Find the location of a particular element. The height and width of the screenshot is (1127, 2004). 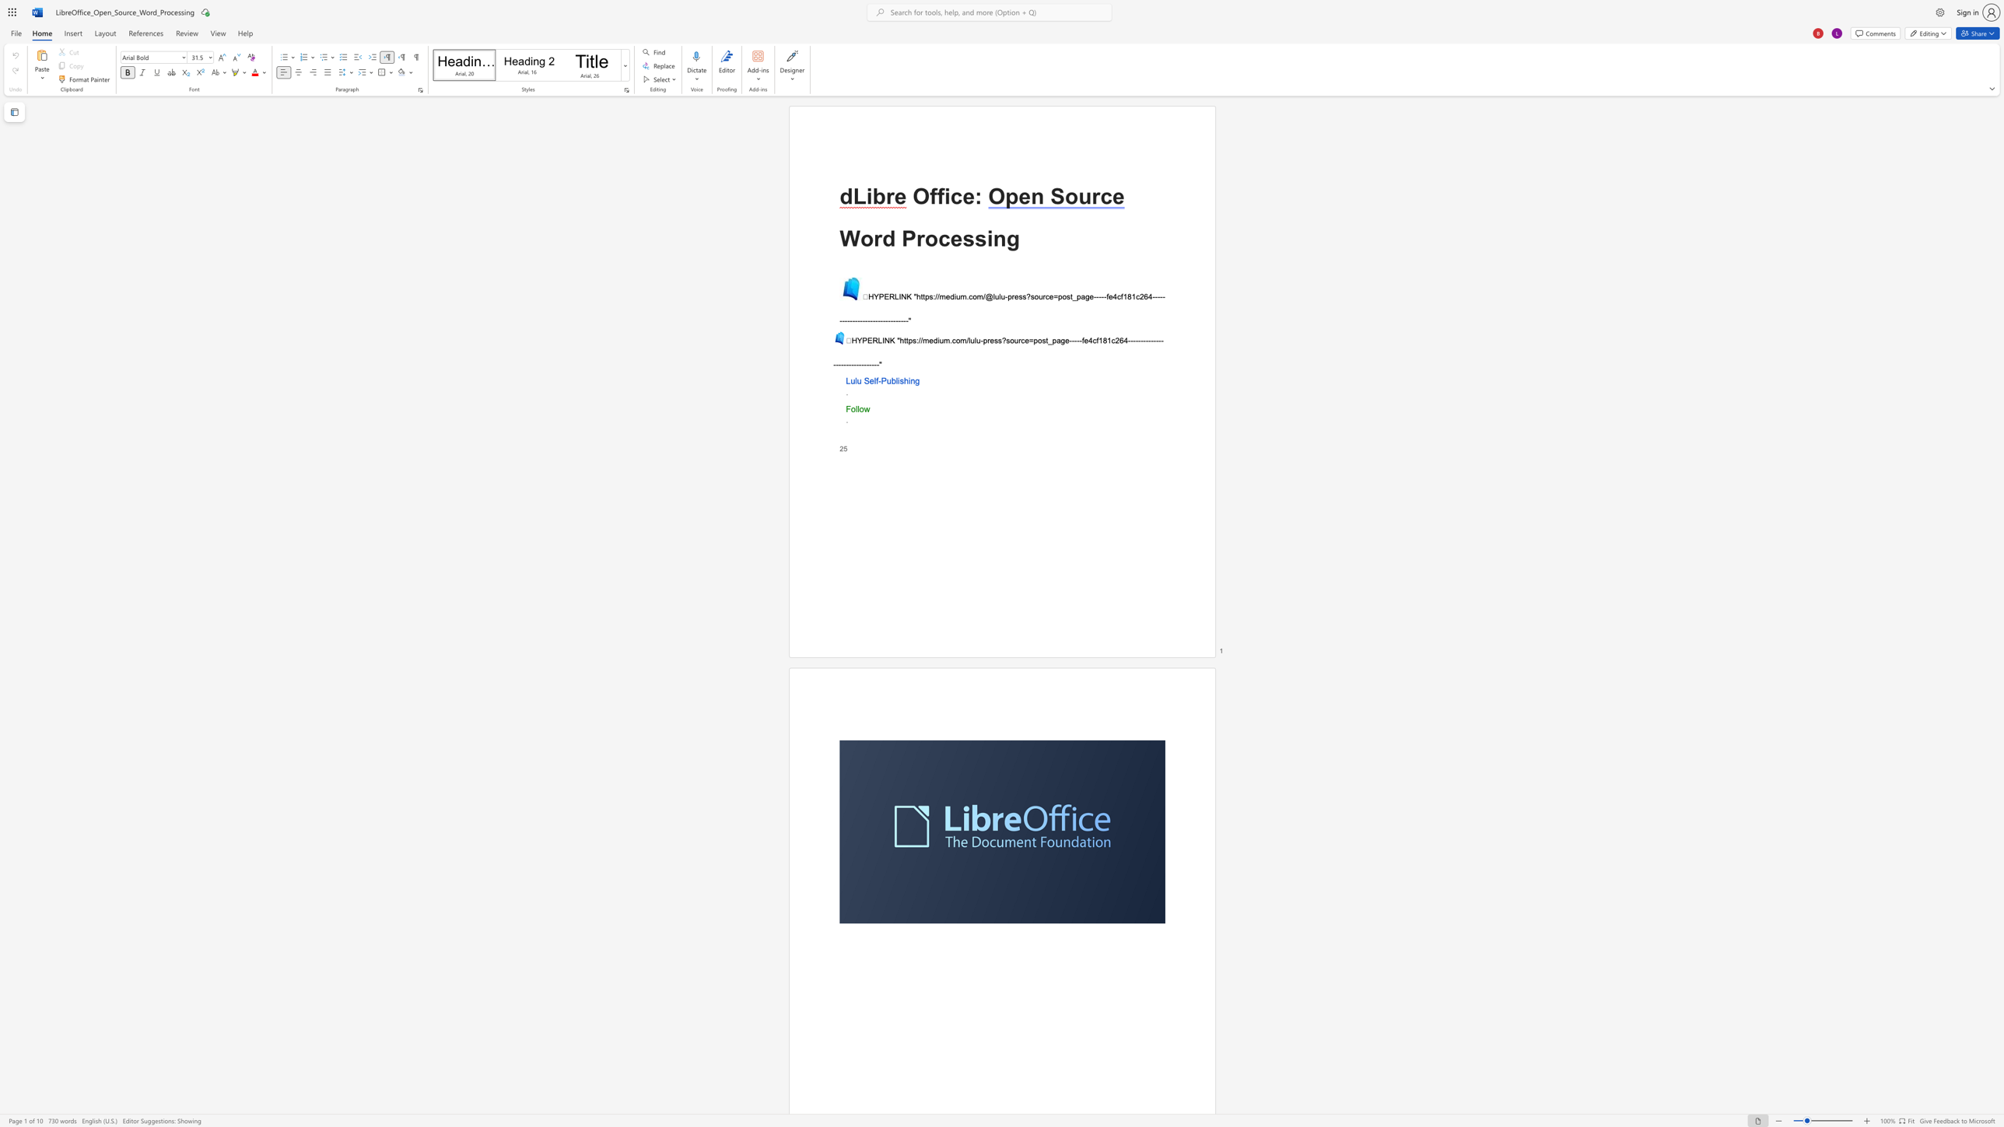

the space between the continuous character "N" and "K" in the text is located at coordinates (906, 296).